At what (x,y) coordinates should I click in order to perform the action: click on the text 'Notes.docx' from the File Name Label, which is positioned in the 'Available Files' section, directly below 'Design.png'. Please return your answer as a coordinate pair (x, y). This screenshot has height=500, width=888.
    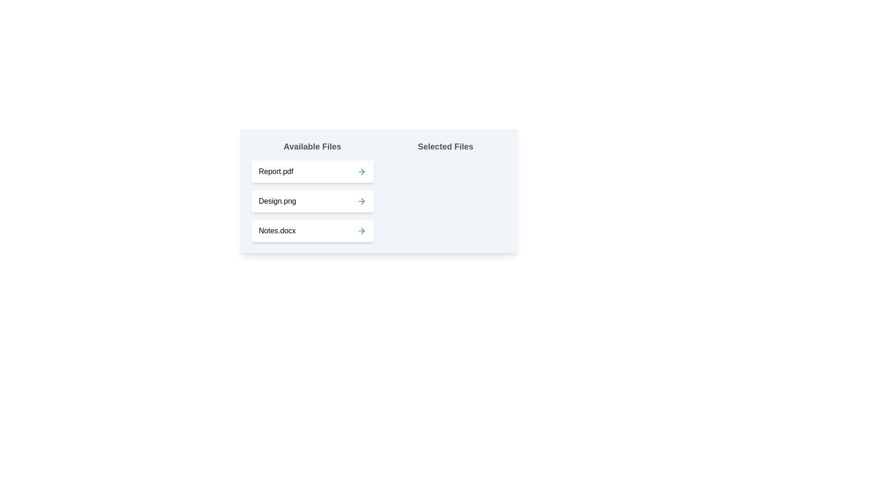
    Looking at the image, I should click on (277, 230).